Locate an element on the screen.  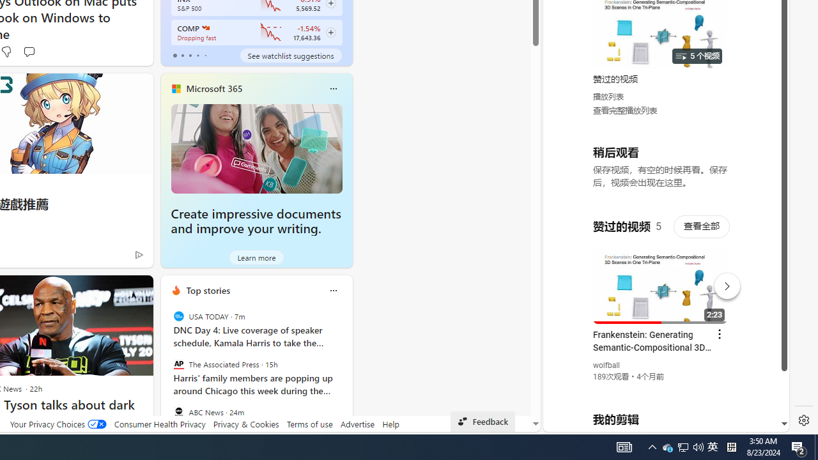
'Terms of use' is located at coordinates (309, 424).